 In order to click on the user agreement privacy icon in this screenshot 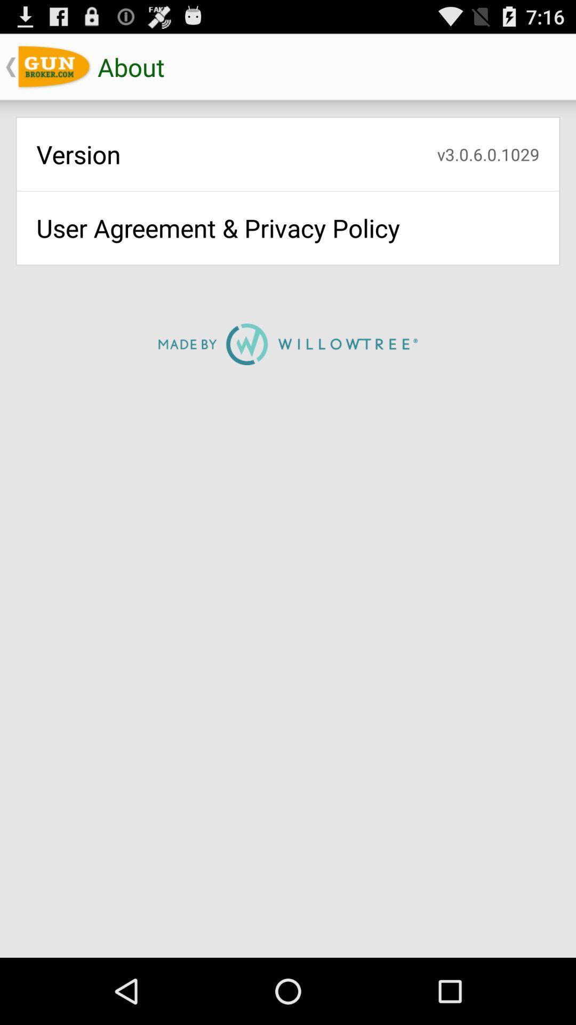, I will do `click(288, 227)`.